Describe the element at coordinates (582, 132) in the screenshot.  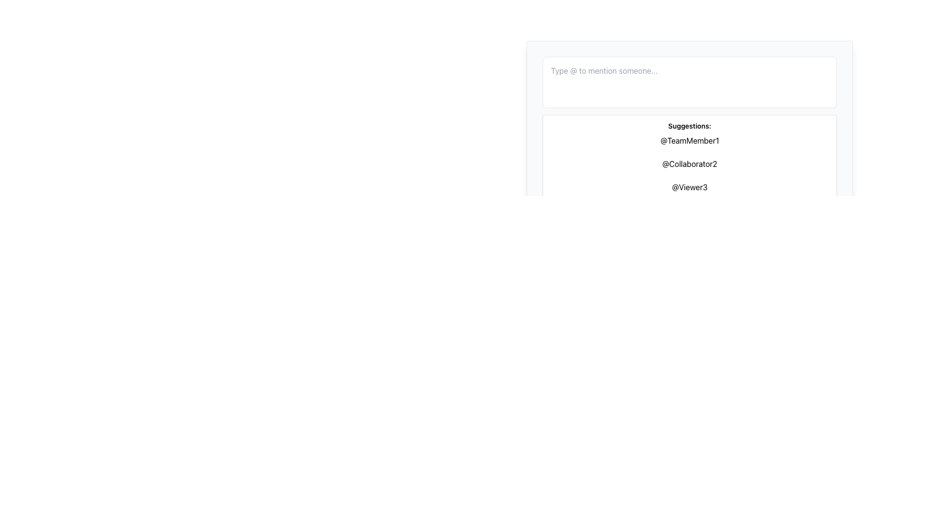
I see `the clear mentions button located on the left side of the horizontally laid-out section, which is the first item before the blue 'Post' button` at that location.